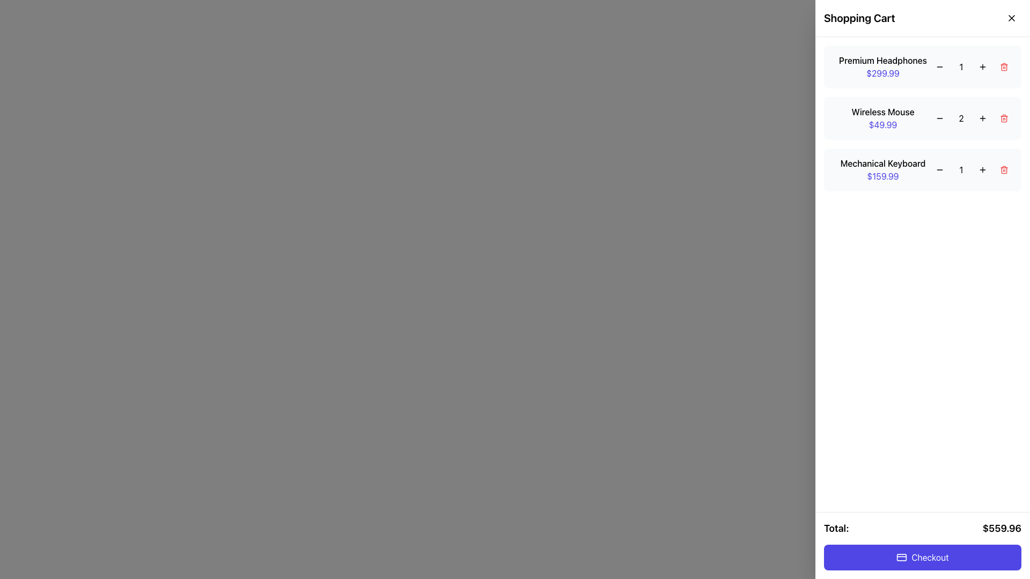 The image size is (1030, 579). Describe the element at coordinates (929, 557) in the screenshot. I see `the 'Checkout' text within the button that has a vivid indigo background and rounded corners` at that location.